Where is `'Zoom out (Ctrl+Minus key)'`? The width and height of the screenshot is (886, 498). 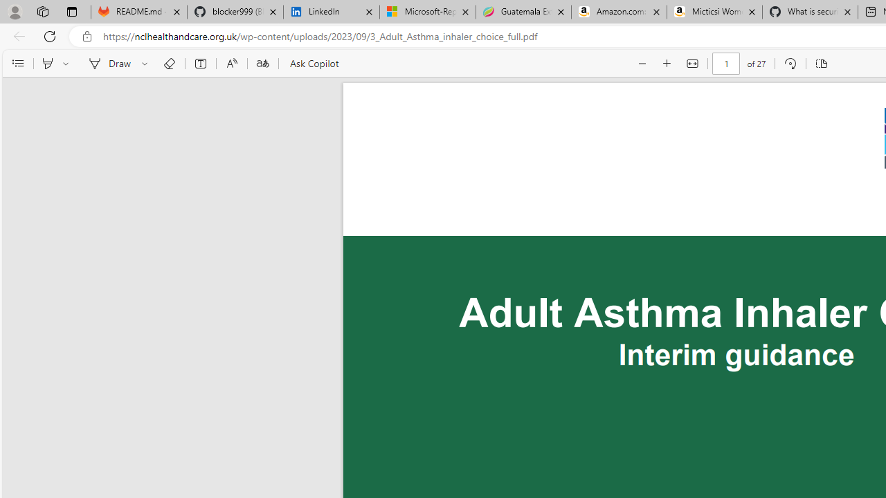 'Zoom out (Ctrl+Minus key)' is located at coordinates (642, 64).